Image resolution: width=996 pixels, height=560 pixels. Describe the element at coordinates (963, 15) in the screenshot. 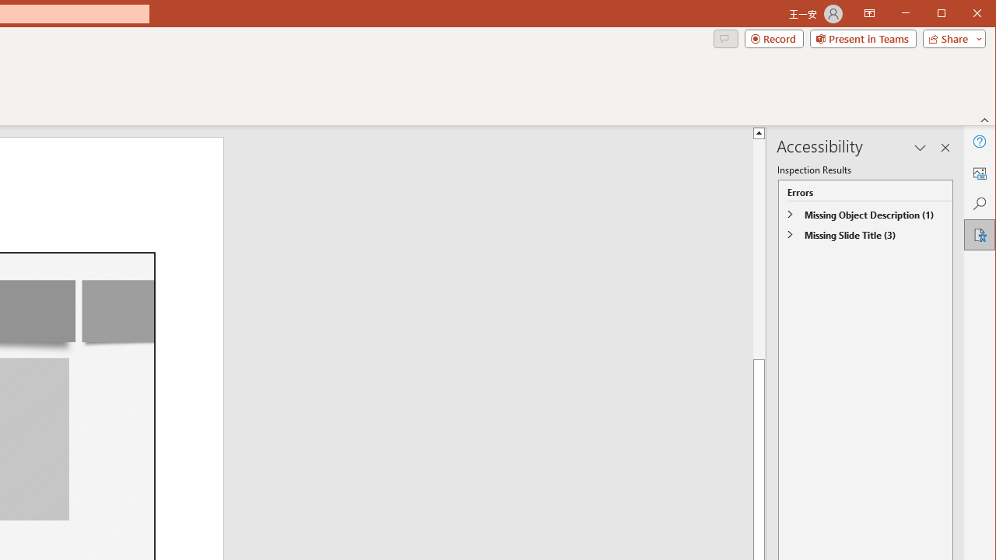

I see `'Maximize'` at that location.